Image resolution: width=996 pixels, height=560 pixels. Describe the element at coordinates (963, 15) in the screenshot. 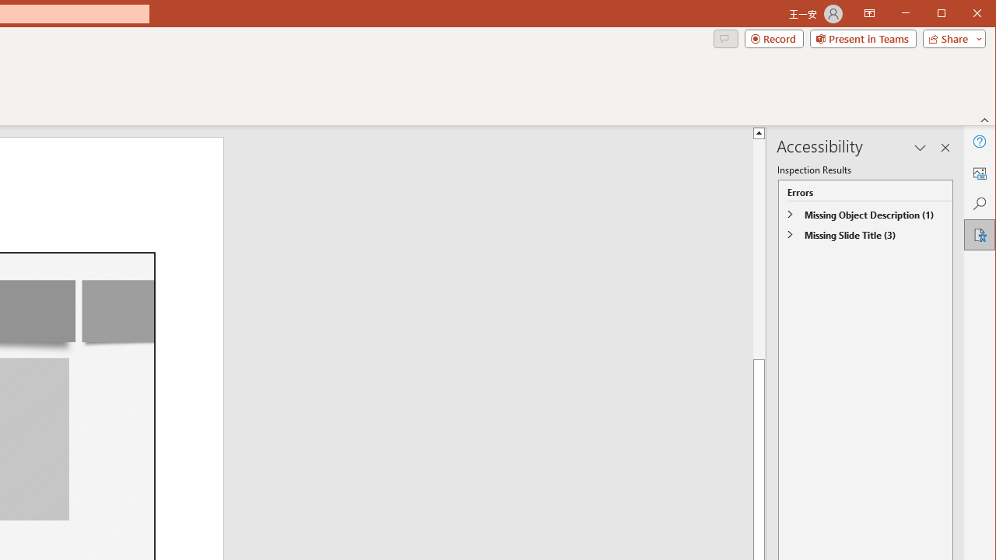

I see `'Maximize'` at that location.